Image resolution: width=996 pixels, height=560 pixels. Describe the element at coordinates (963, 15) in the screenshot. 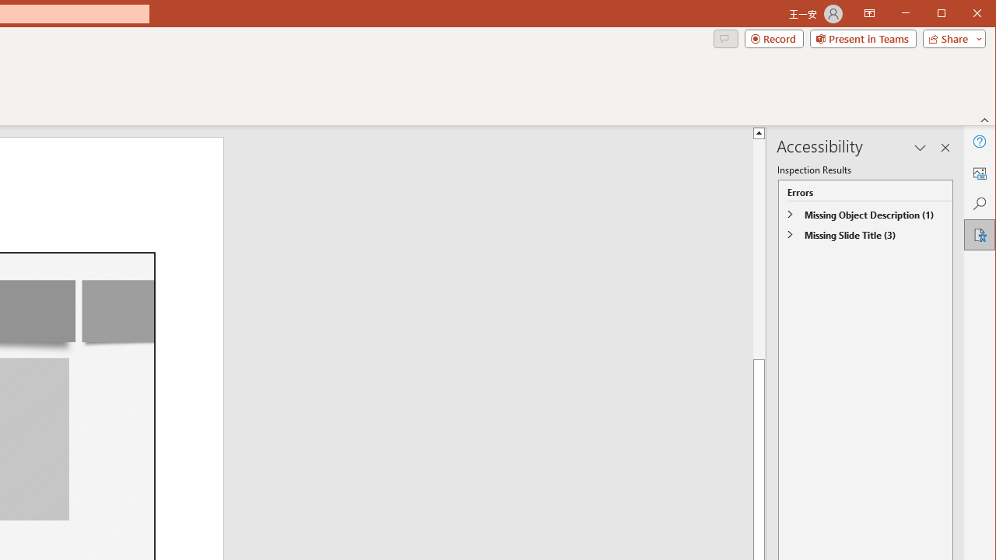

I see `'Maximize'` at that location.